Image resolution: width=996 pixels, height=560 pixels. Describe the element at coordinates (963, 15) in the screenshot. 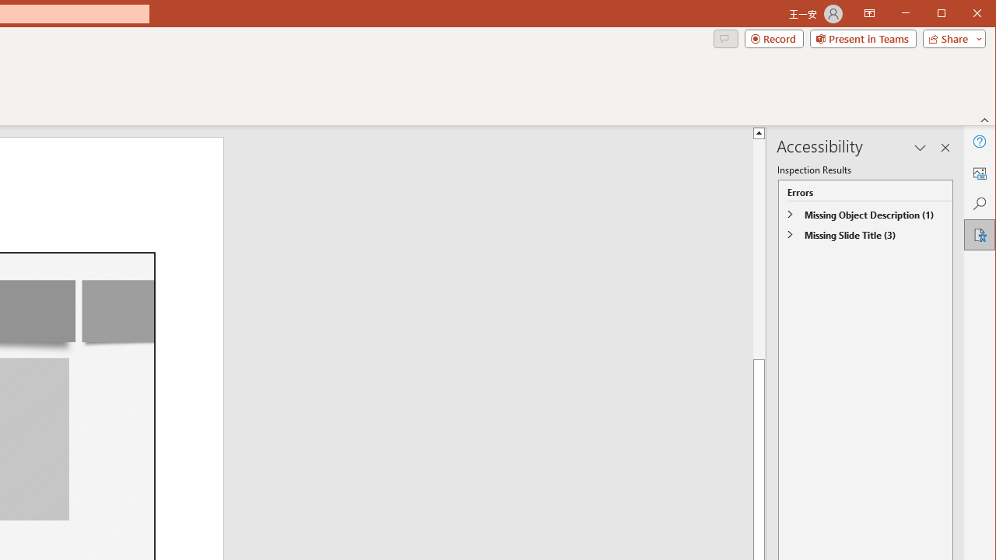

I see `'Maximize'` at that location.